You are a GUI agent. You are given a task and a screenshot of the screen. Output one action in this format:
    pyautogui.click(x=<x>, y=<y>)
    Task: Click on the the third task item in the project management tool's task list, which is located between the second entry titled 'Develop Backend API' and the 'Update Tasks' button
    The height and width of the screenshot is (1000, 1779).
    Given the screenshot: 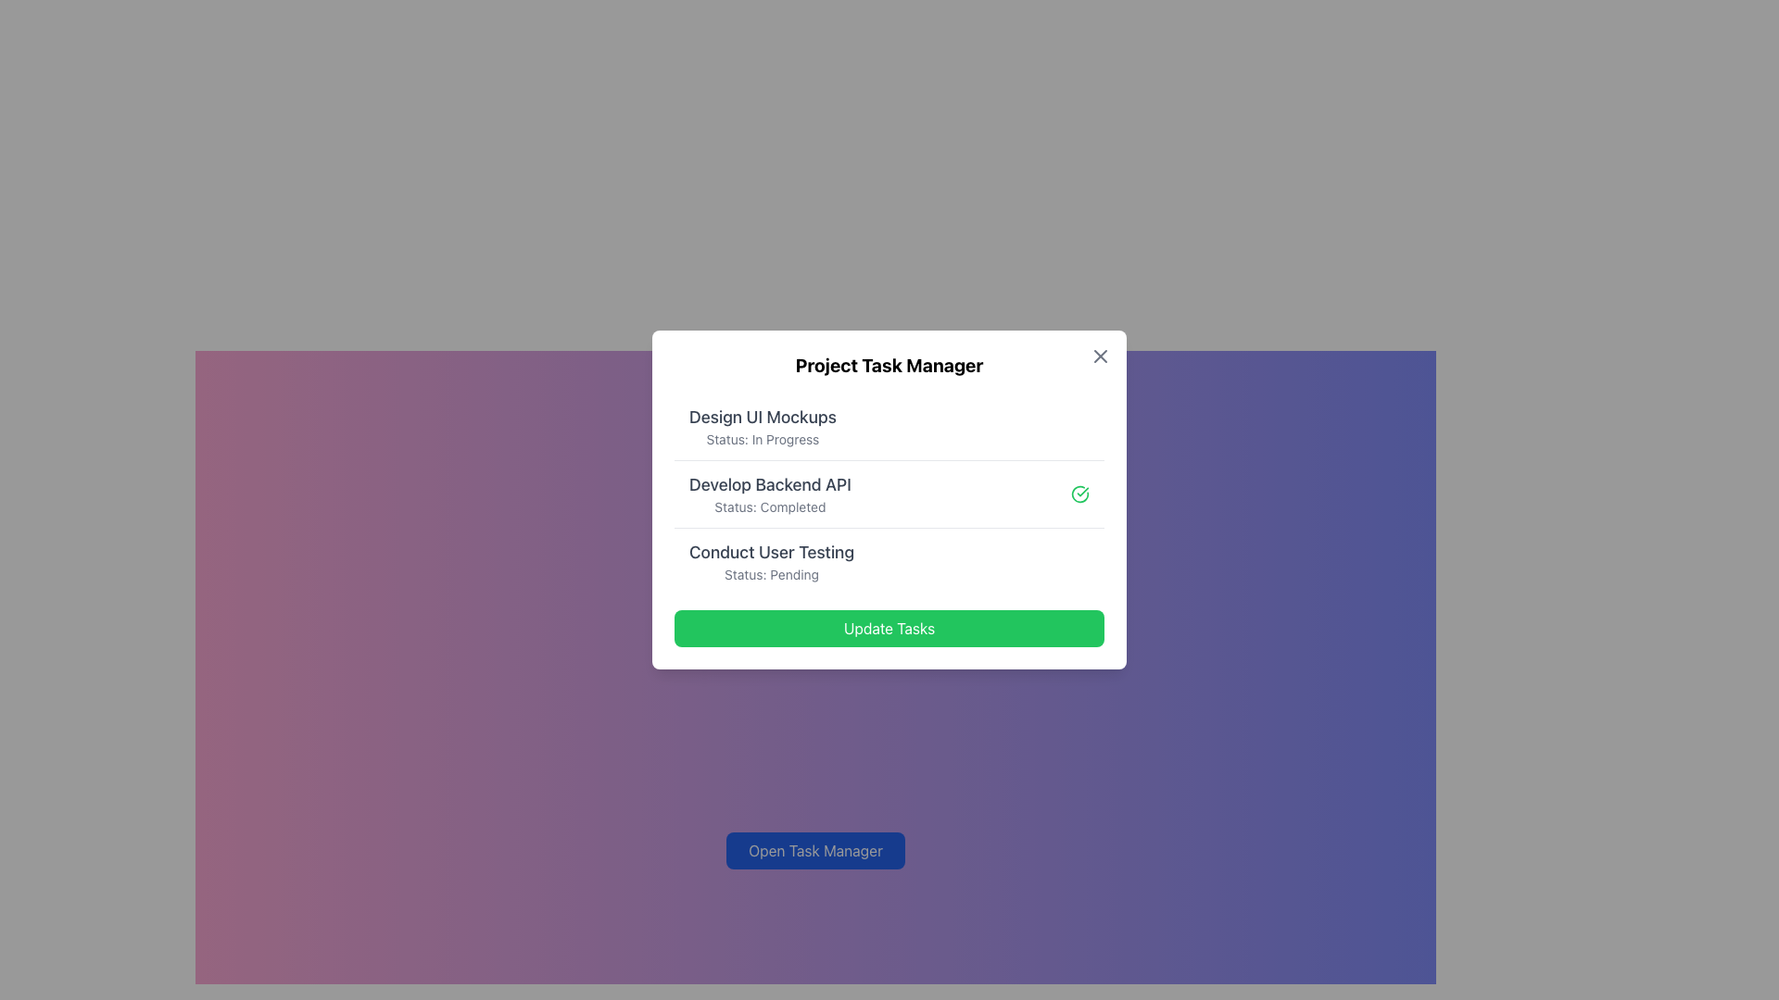 What is the action you would take?
    pyautogui.click(x=889, y=560)
    